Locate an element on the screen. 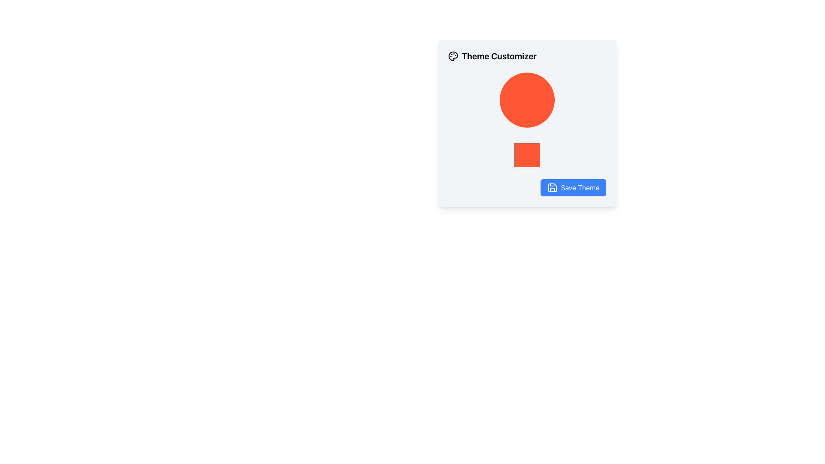 Image resolution: width=825 pixels, height=464 pixels. the theme customization icon located at the left of the header section labeled 'Theme Customizer' is located at coordinates (453, 56).